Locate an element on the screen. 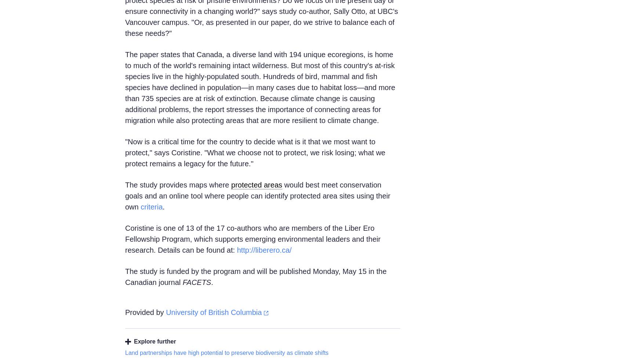  'University of British Columbia' is located at coordinates (213, 312).